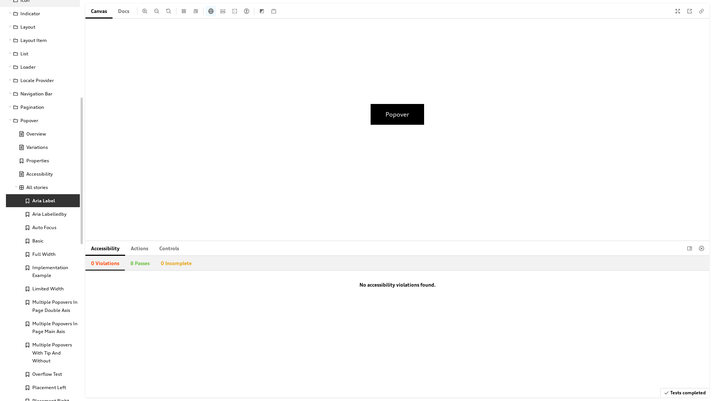  What do you see at coordinates (42, 271) in the screenshot?
I see `'Implementation Example'` at bounding box center [42, 271].